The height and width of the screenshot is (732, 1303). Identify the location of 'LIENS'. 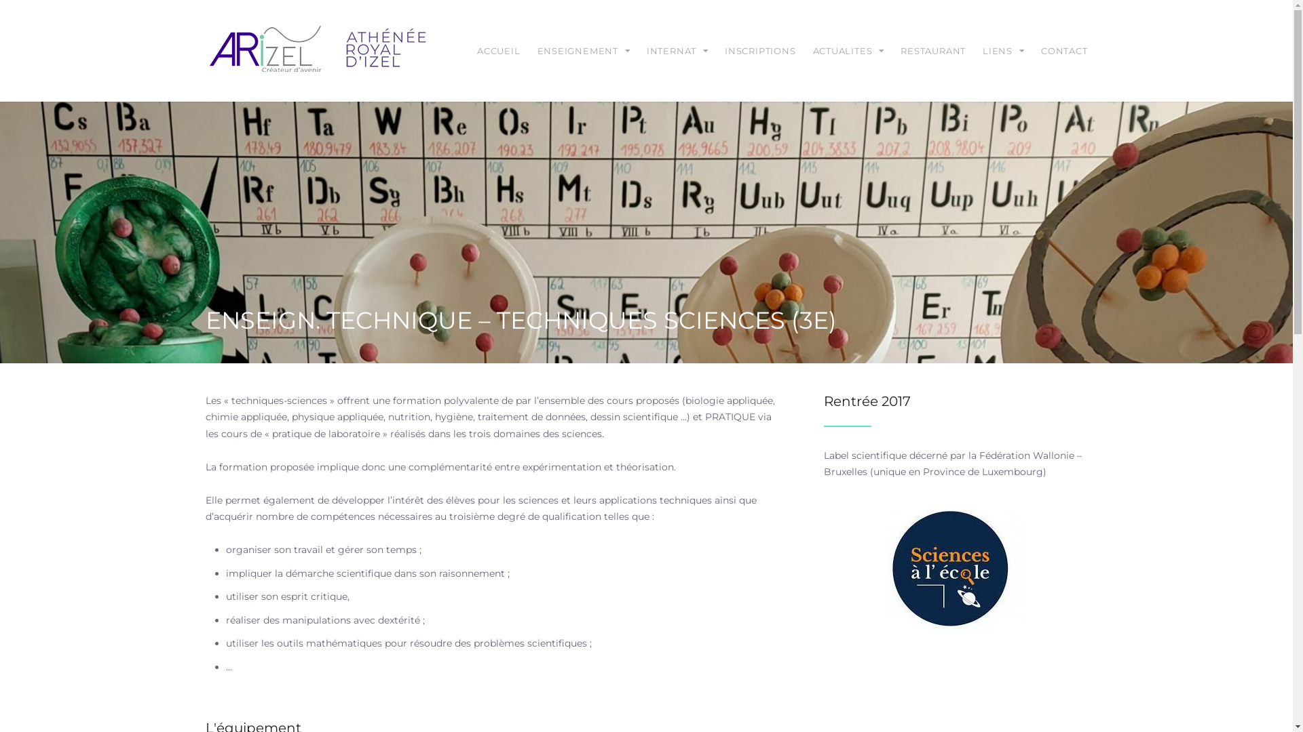
(1003, 49).